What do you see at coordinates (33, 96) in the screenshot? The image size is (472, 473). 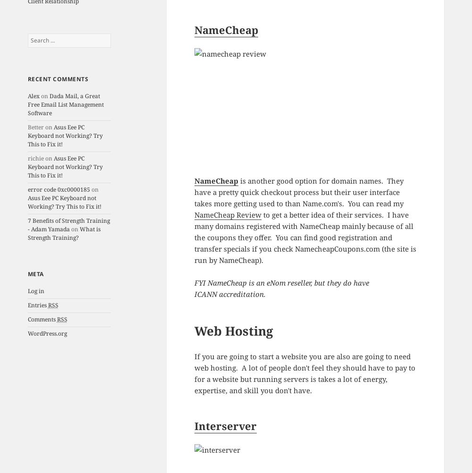 I see `'Alex'` at bounding box center [33, 96].